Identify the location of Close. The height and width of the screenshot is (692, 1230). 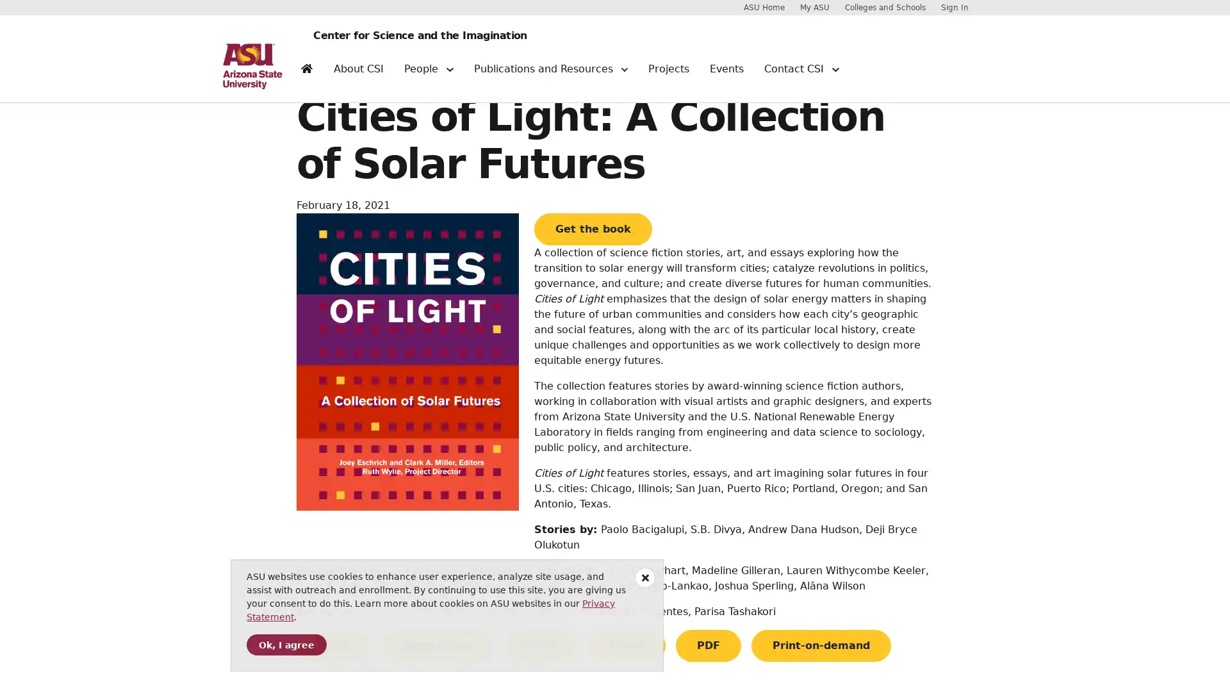
(645, 578).